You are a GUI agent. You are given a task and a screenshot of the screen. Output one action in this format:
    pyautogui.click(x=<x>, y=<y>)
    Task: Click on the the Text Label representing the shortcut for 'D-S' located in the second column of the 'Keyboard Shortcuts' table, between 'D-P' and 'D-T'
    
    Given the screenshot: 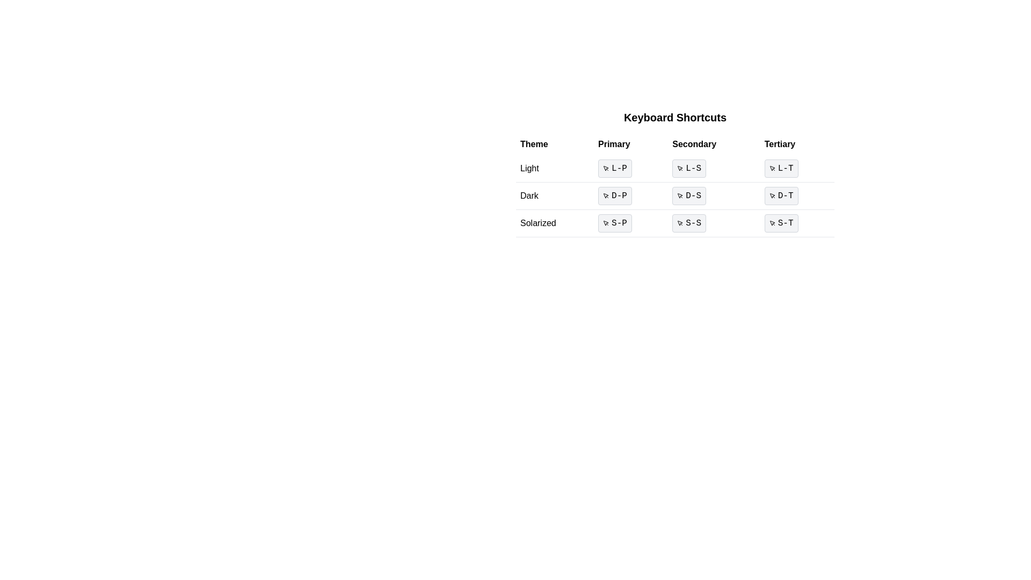 What is the action you would take?
    pyautogui.click(x=693, y=196)
    